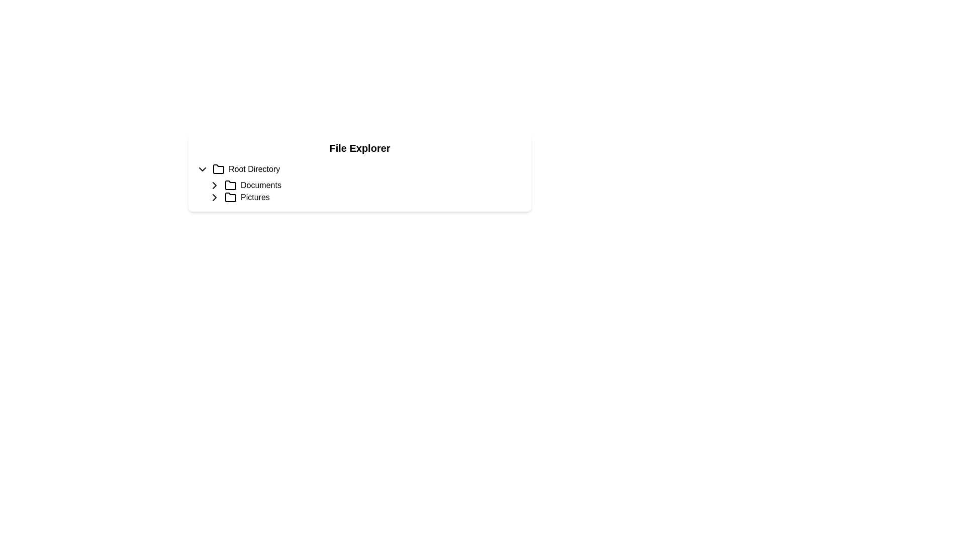  What do you see at coordinates (214, 186) in the screenshot?
I see `the Chevron icon located at the beginning of the 'Documents' row in the file explorer` at bounding box center [214, 186].